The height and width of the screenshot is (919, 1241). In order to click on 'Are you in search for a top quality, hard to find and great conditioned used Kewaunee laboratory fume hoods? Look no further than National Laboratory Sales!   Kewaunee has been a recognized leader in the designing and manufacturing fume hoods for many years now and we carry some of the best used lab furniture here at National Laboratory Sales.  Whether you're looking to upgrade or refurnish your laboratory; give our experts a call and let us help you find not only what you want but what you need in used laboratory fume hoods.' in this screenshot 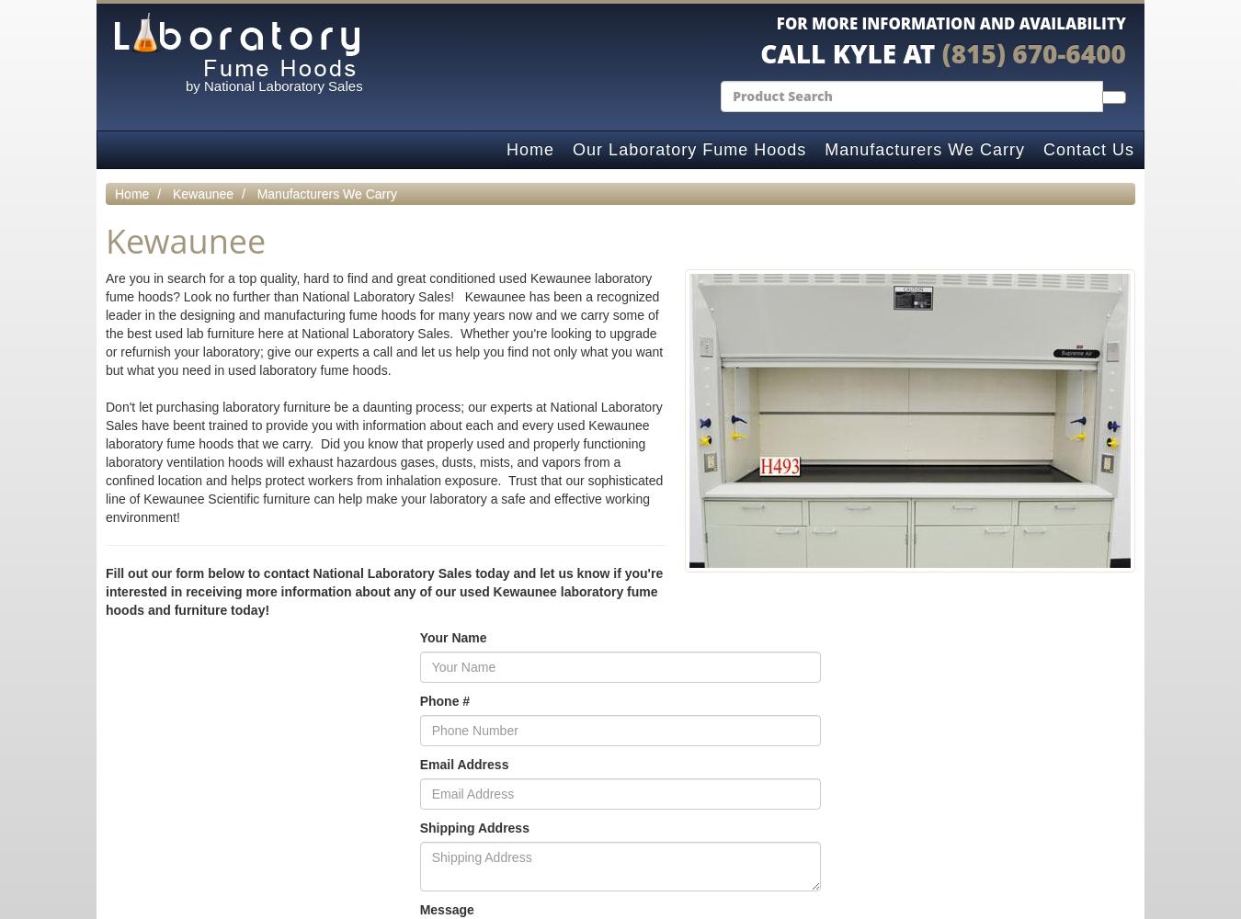, I will do `click(106, 323)`.